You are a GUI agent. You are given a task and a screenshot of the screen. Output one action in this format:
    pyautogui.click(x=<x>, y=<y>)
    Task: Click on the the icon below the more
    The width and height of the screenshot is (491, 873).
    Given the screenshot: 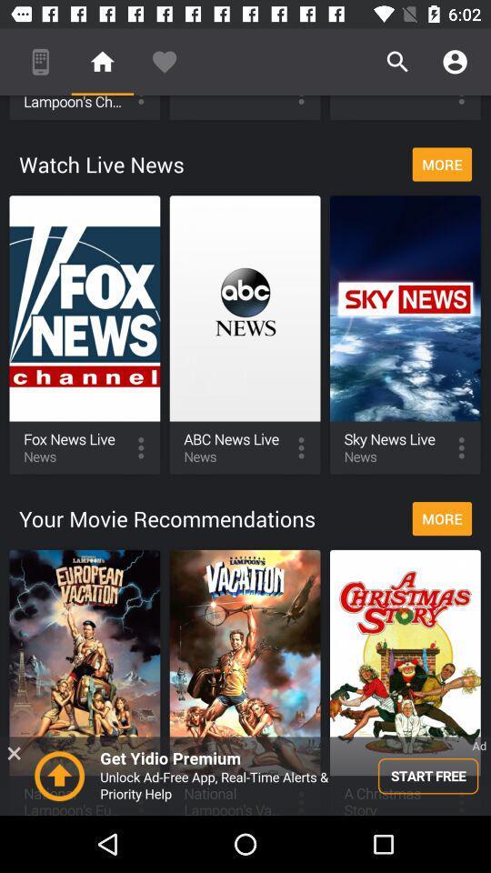 What is the action you would take?
    pyautogui.click(x=245, y=775)
    